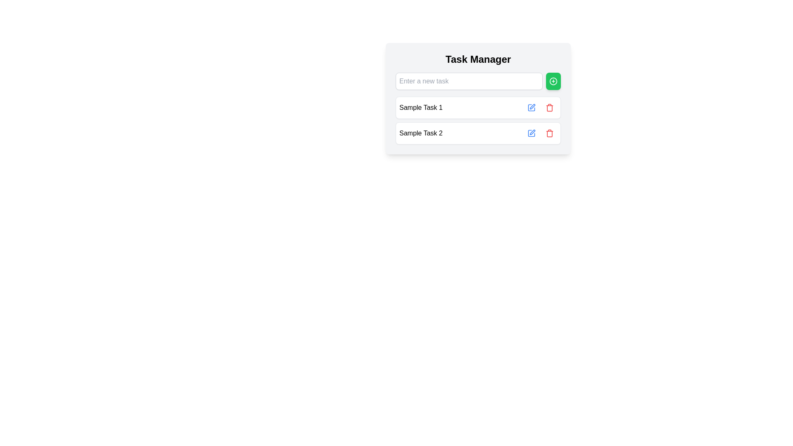 This screenshot has width=793, height=446. What do you see at coordinates (421, 133) in the screenshot?
I see `the text label that displays the title of the second task entry in the Task Manager interface, which is centrally aligned within its task card` at bounding box center [421, 133].